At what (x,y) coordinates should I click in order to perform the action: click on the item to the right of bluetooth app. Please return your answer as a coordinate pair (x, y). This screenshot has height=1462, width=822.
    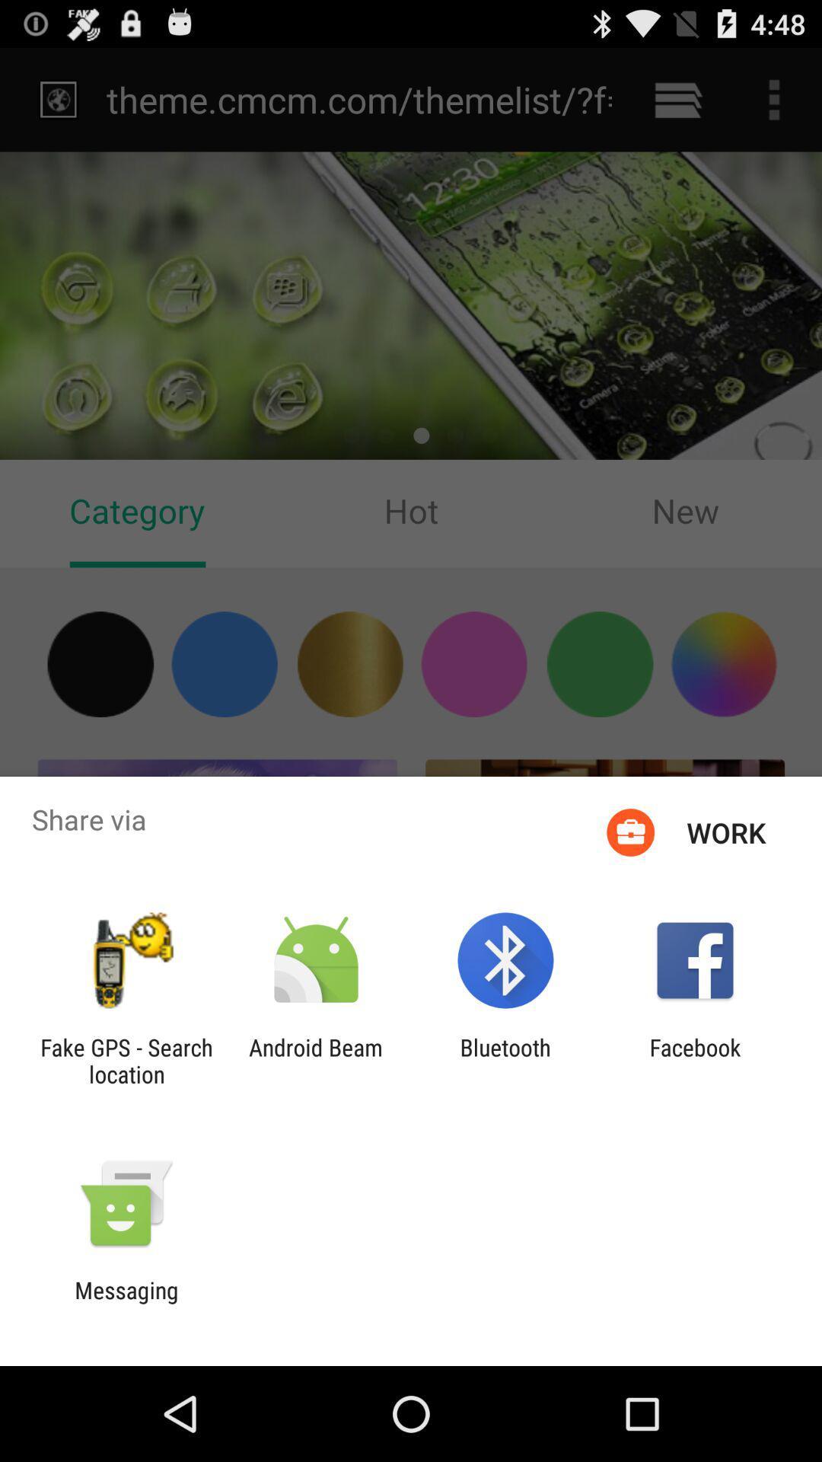
    Looking at the image, I should click on (695, 1060).